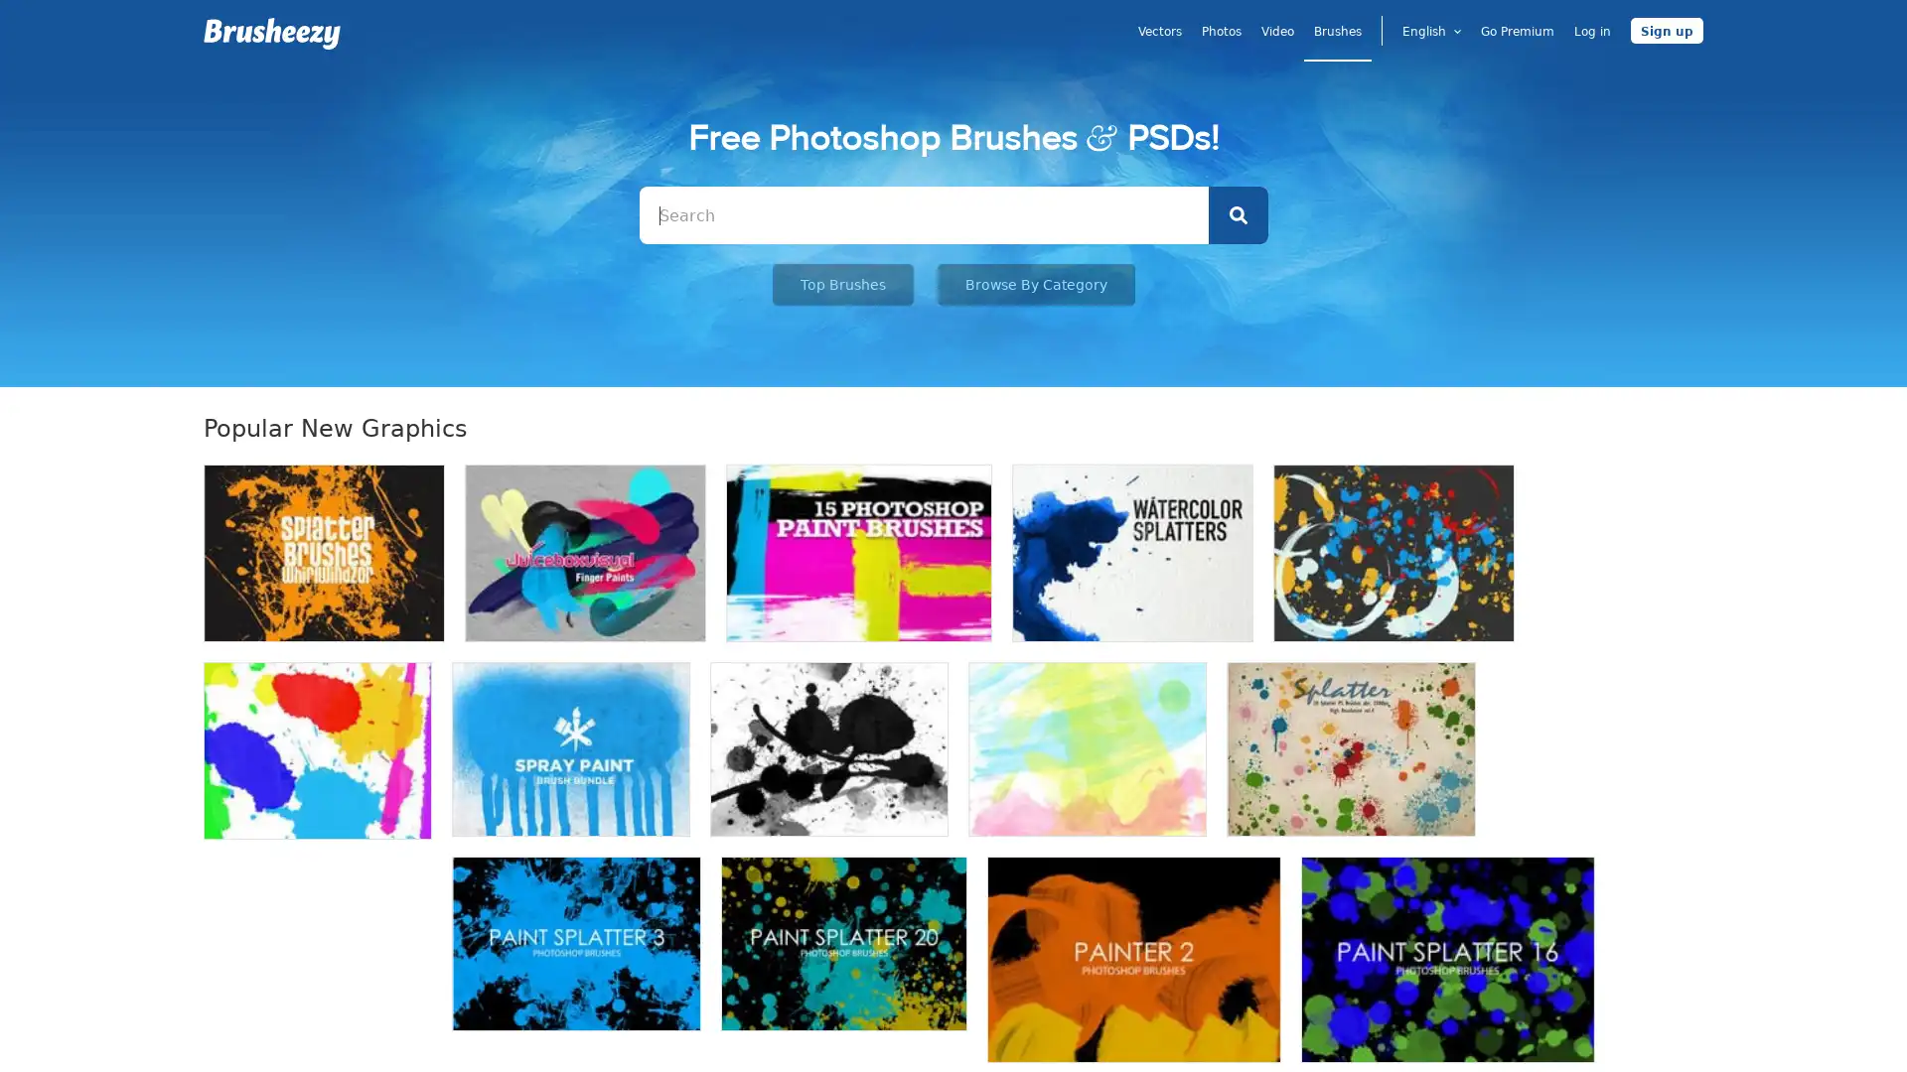 The height and width of the screenshot is (1072, 1907). I want to click on search, so click(1237, 214).